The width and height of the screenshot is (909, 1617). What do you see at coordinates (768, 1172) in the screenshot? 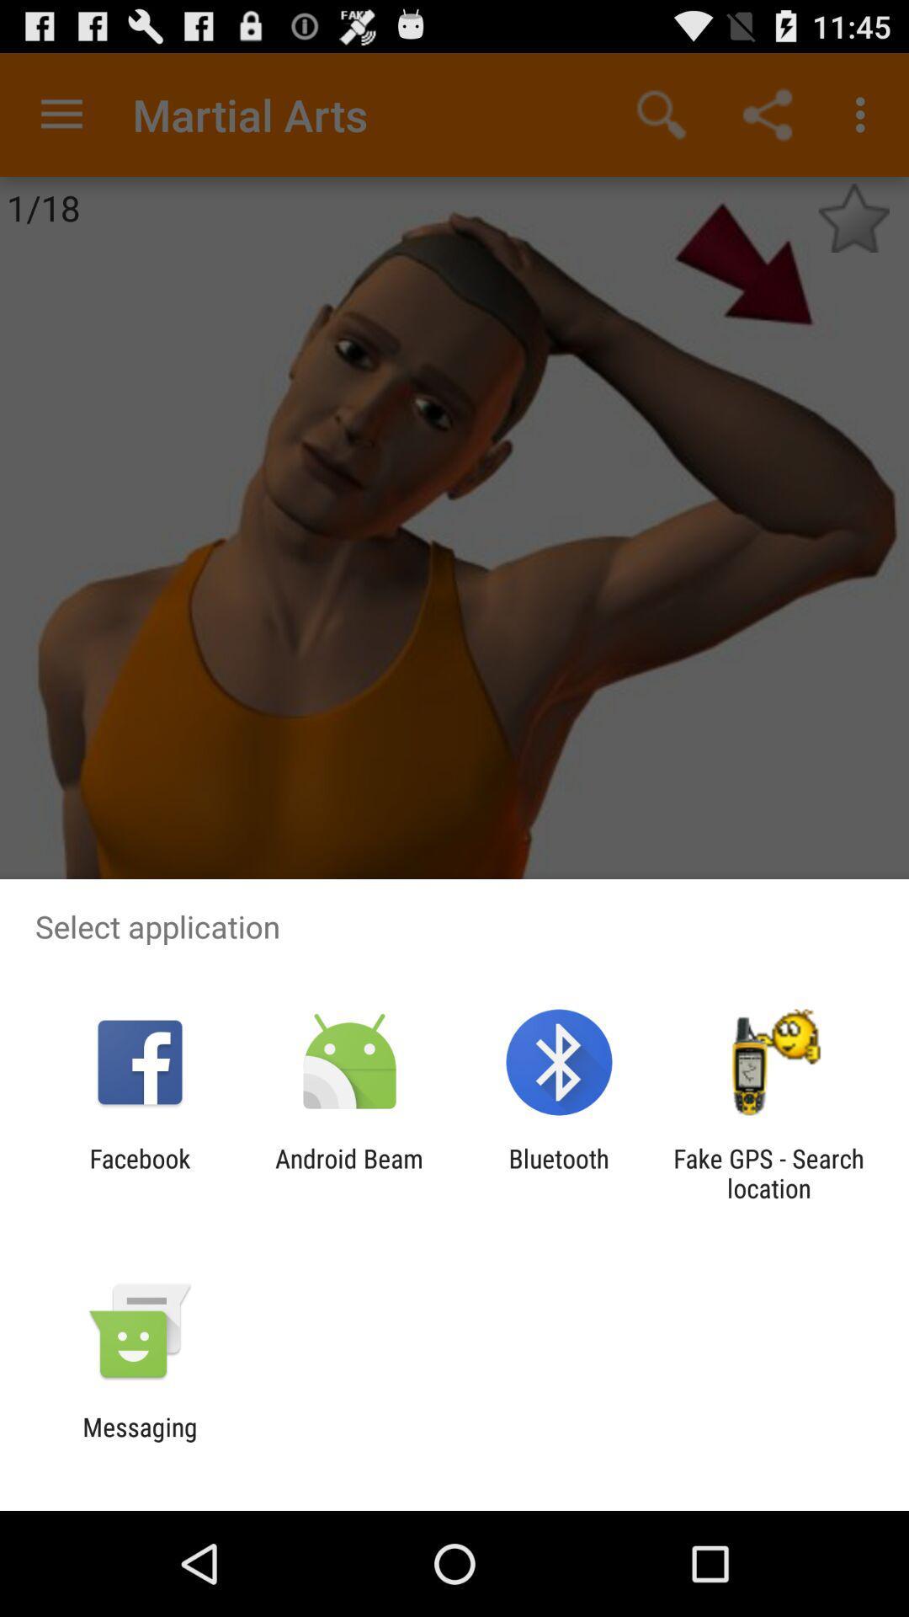
I see `fake gps search icon` at bounding box center [768, 1172].